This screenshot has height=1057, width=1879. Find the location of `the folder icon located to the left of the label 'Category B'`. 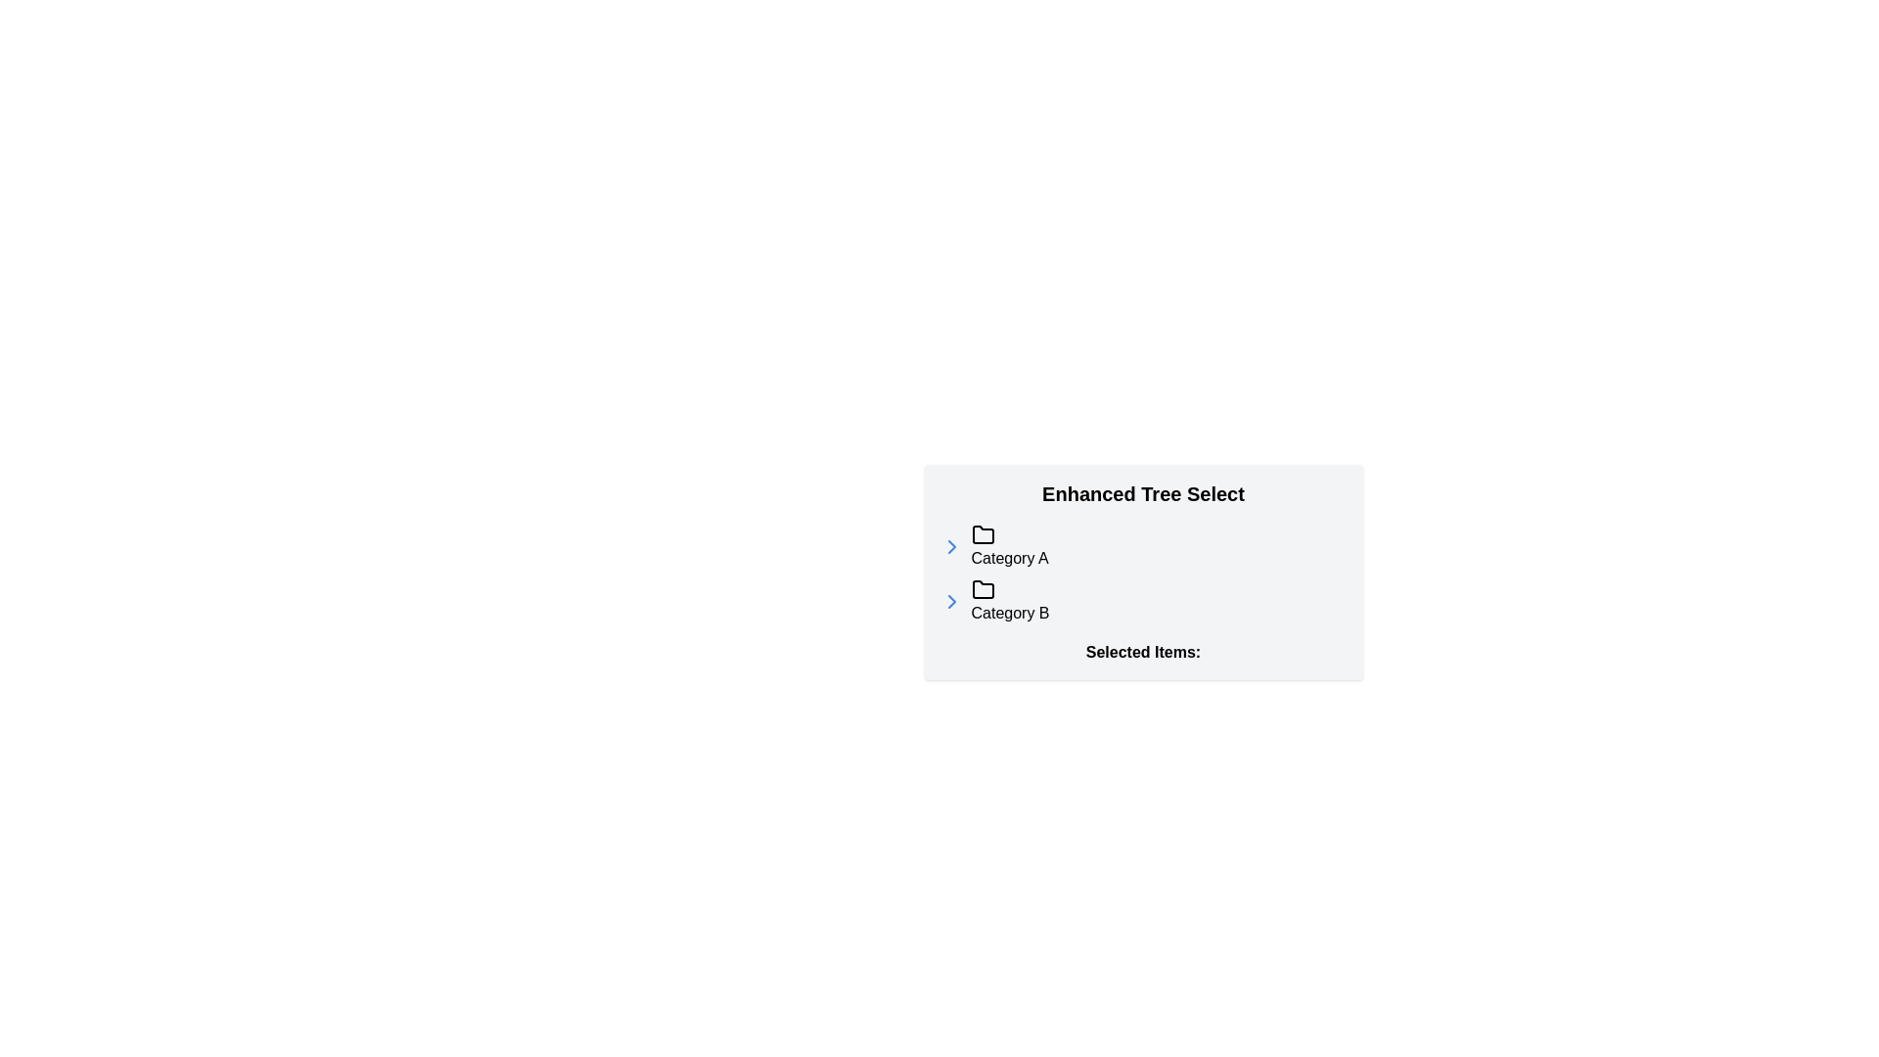

the folder icon located to the left of the label 'Category B' is located at coordinates (983, 588).